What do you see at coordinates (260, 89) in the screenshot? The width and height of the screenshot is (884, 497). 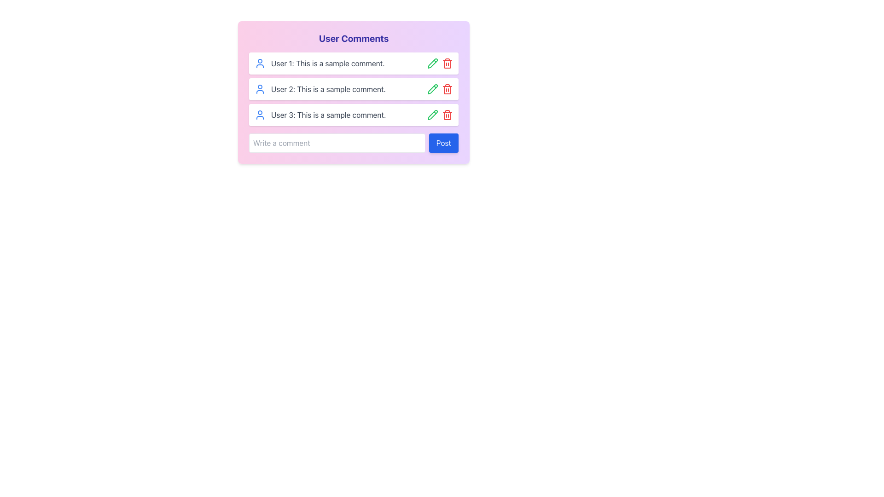 I see `the user avatar icon located next to the comment 'User 2: This is a sample comment.'` at bounding box center [260, 89].